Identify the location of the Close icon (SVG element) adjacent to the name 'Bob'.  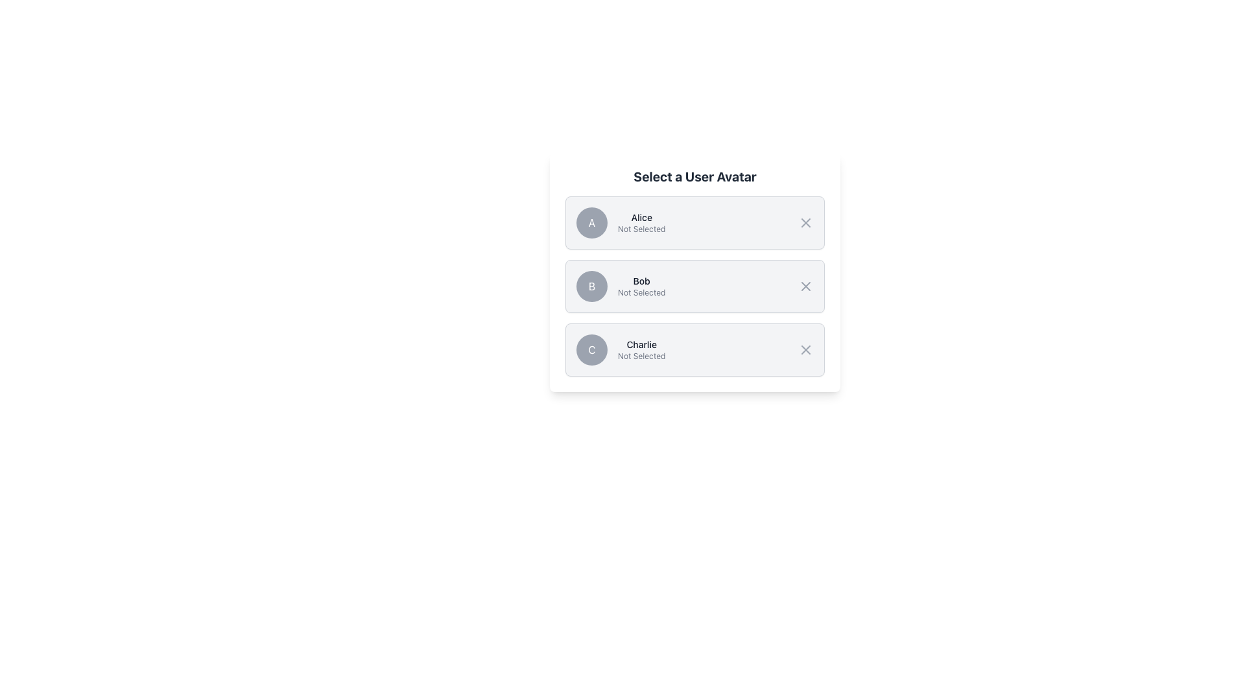
(805, 286).